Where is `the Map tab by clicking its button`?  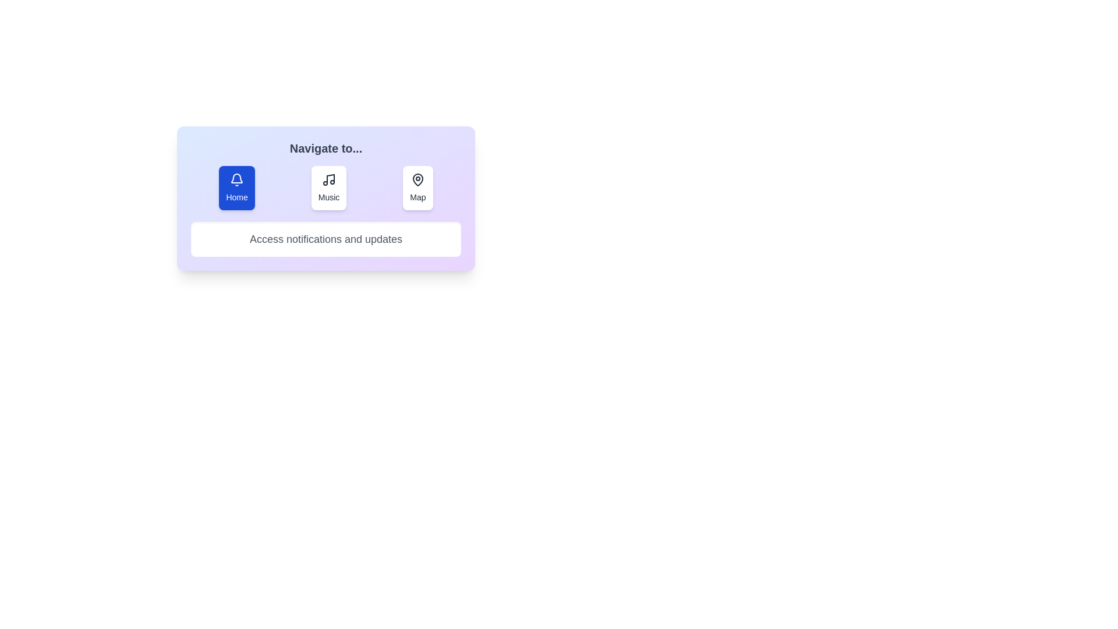
the Map tab by clicking its button is located at coordinates (417, 188).